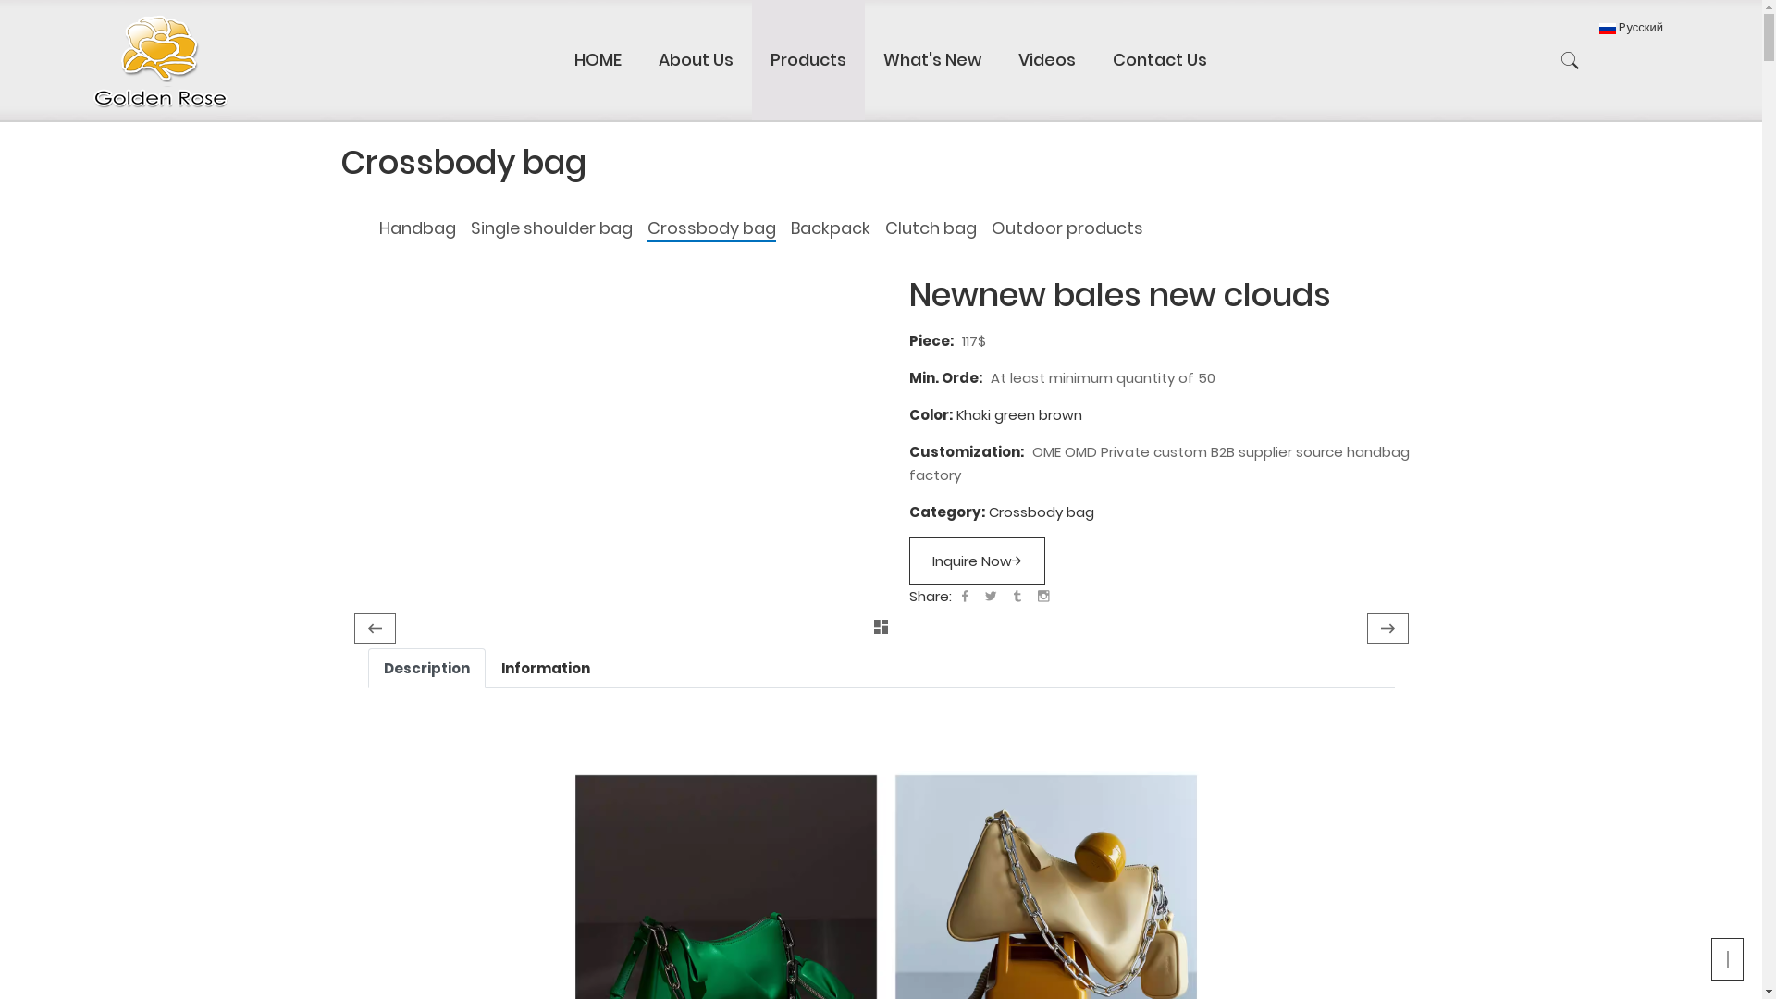  What do you see at coordinates (998, 59) in the screenshot?
I see `'Videos'` at bounding box center [998, 59].